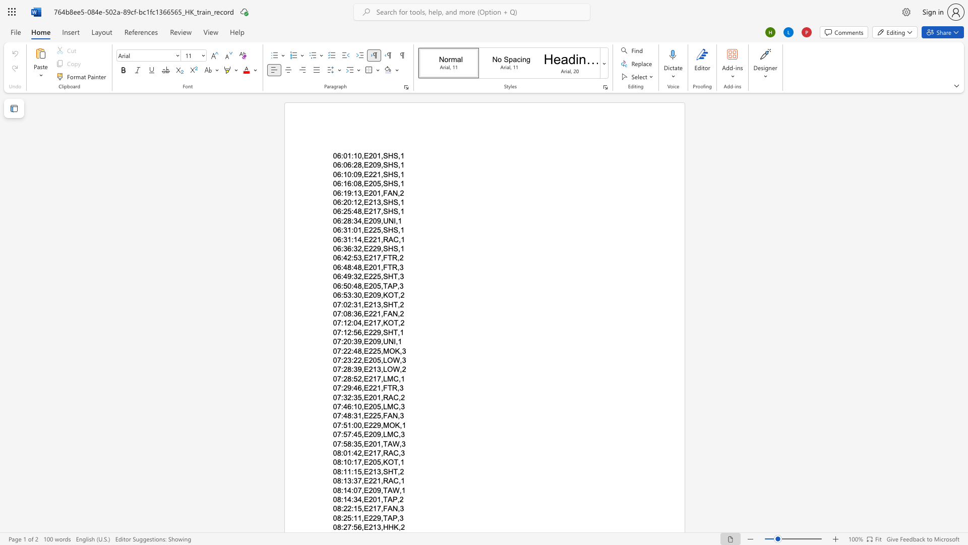  Describe the element at coordinates (357, 397) in the screenshot. I see `the subset text "5," within the text "07:32:35,E201,RAC,2"` at that location.